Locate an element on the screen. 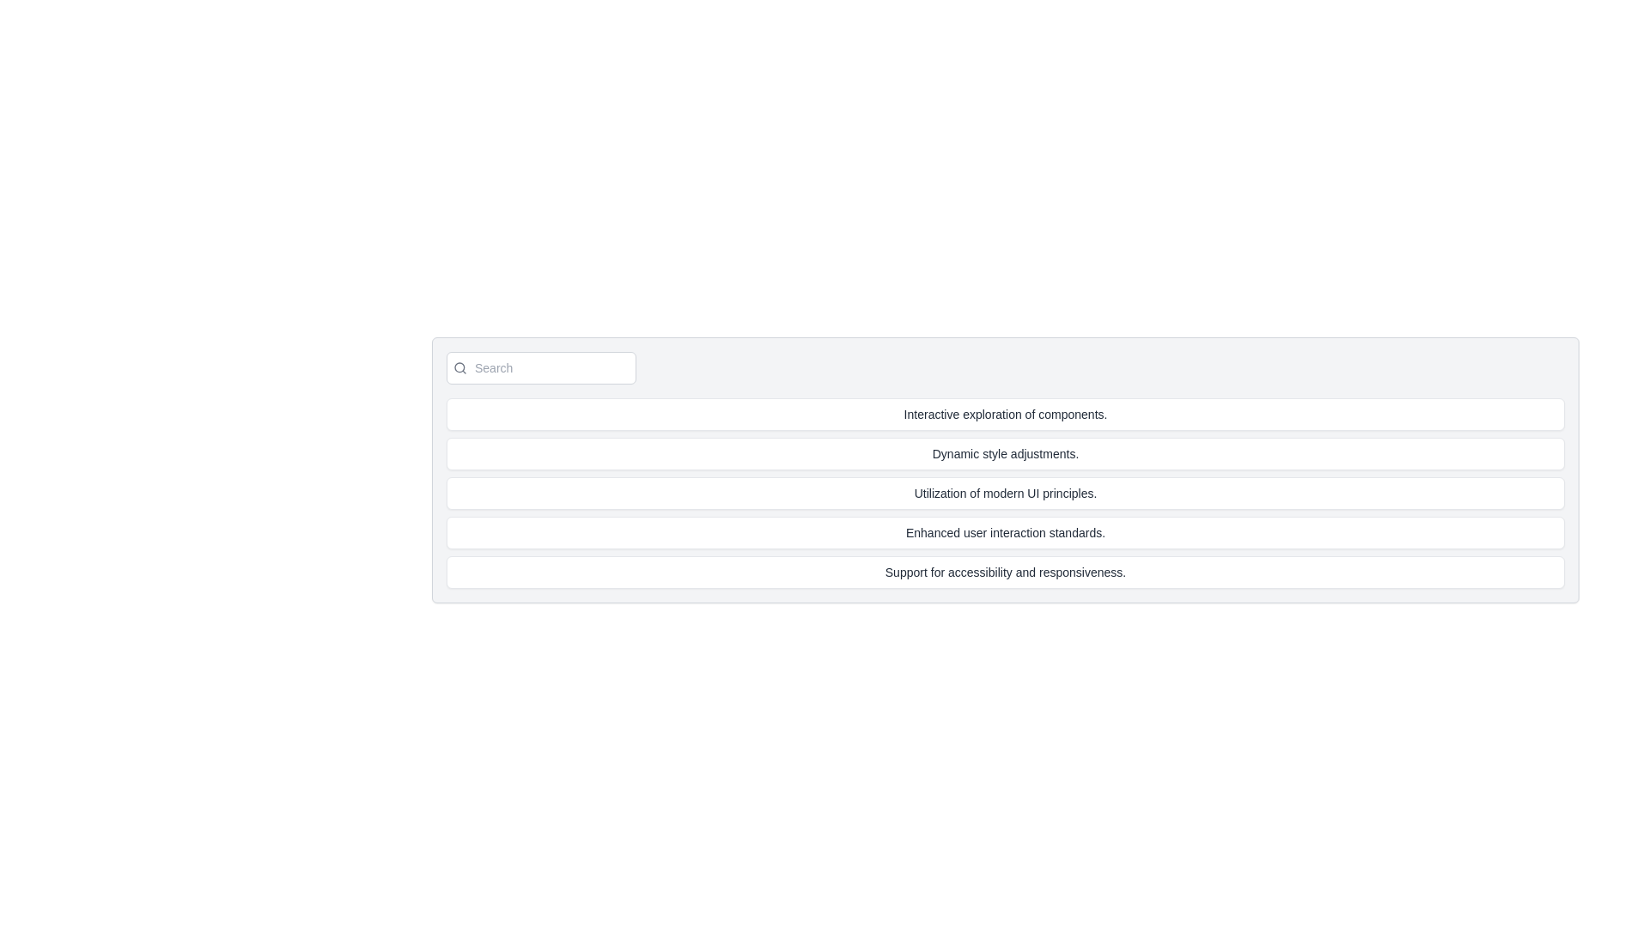 The image size is (1649, 927). single letter element located at the rightmost part of the text 'Support for accessibility and responsiveness.' is located at coordinates (1107, 573).